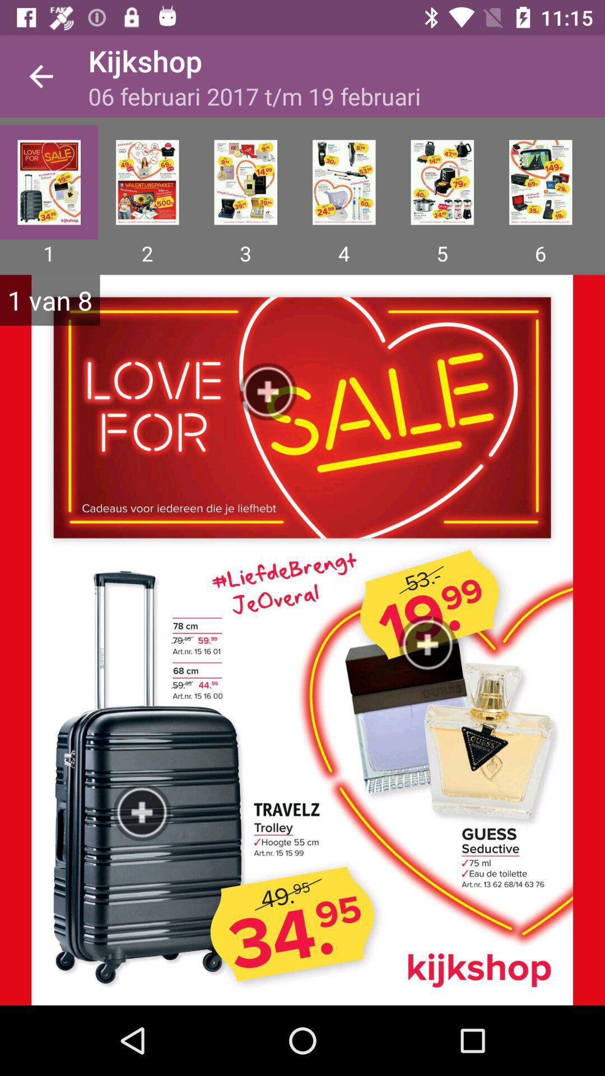 The image size is (605, 1076). I want to click on the item above the 3 icon, so click(245, 182).